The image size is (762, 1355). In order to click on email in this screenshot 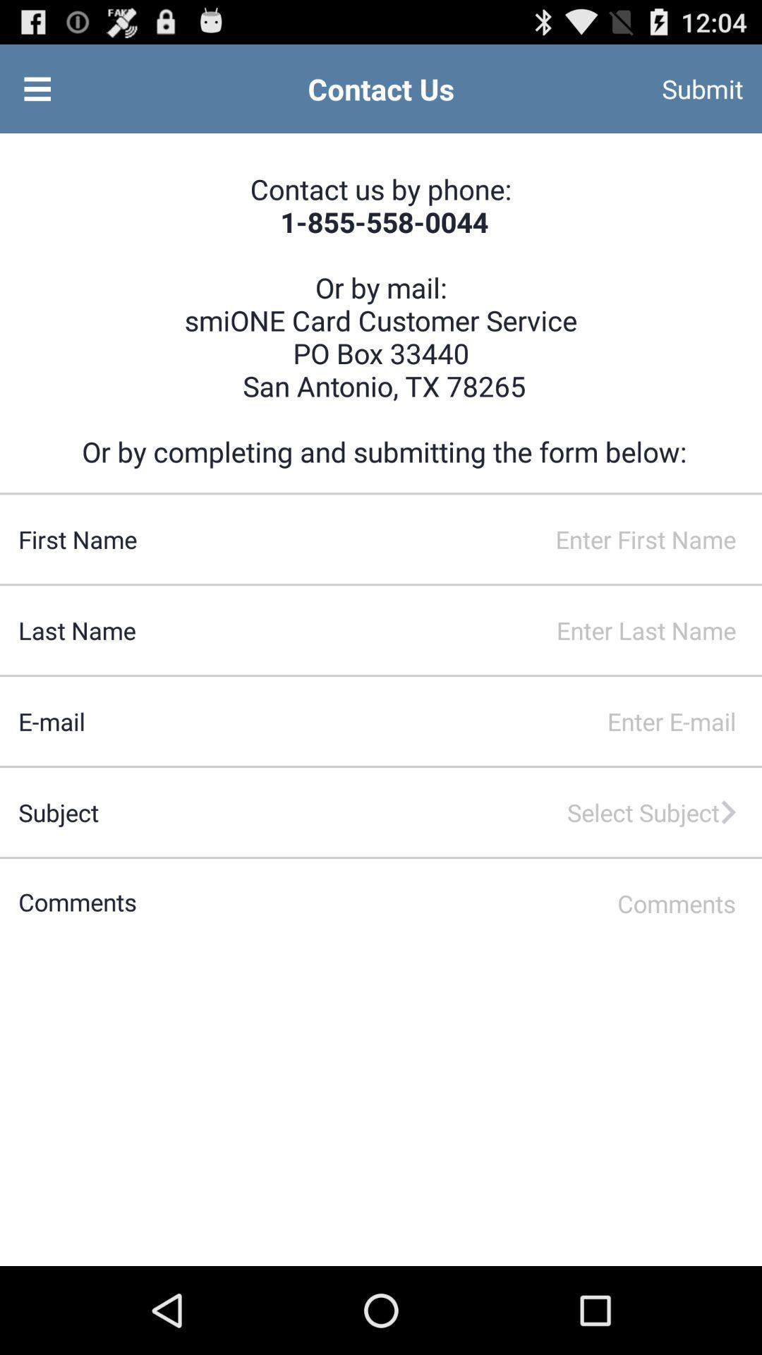, I will do `click(423, 721)`.